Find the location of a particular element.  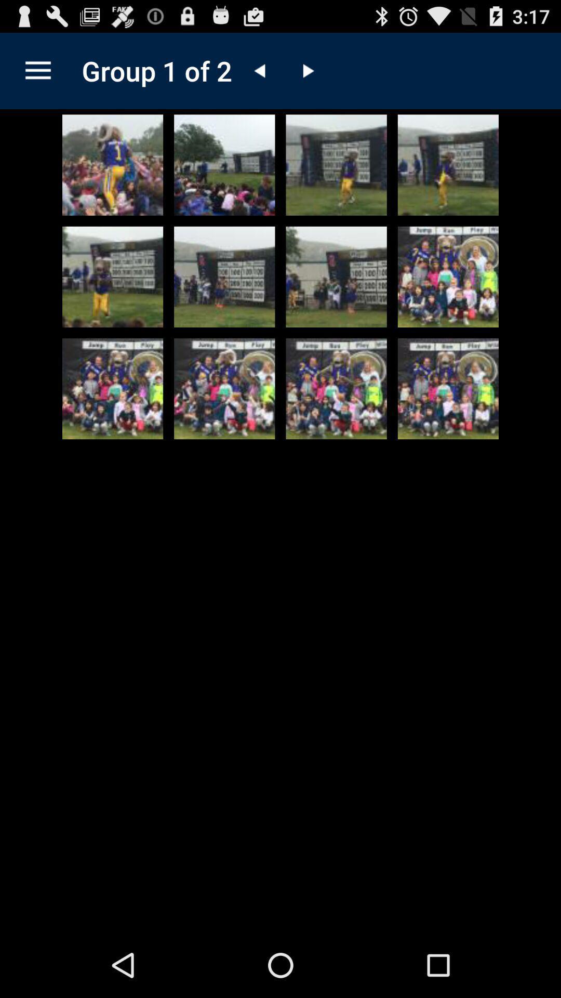

zoom in on the photo is located at coordinates (336, 388).